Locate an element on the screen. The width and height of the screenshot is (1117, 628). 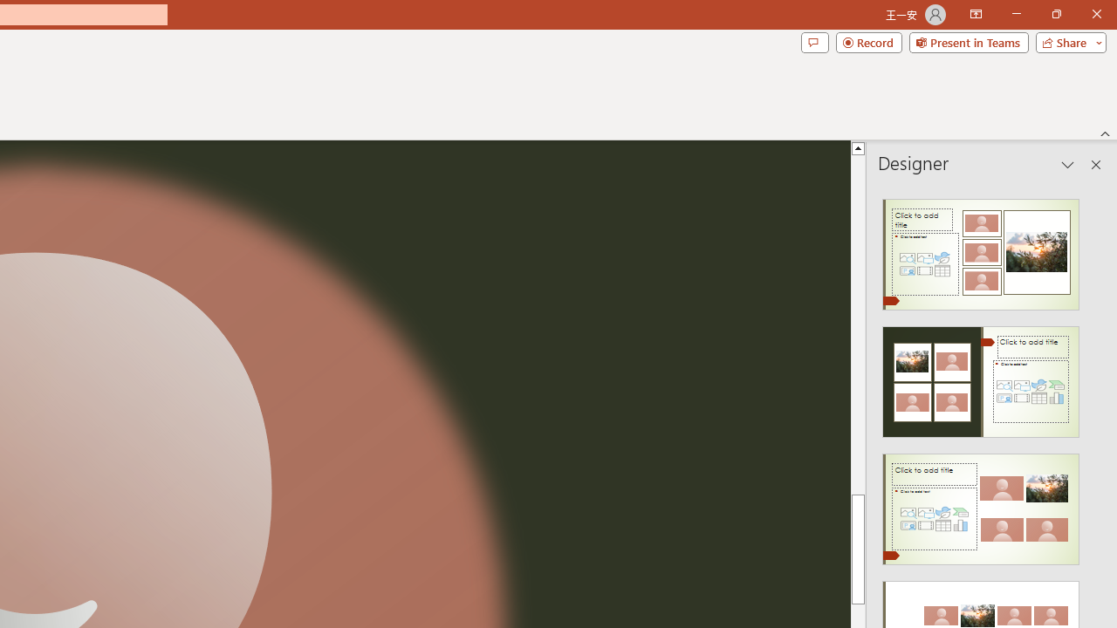
'Comments' is located at coordinates (813, 41).